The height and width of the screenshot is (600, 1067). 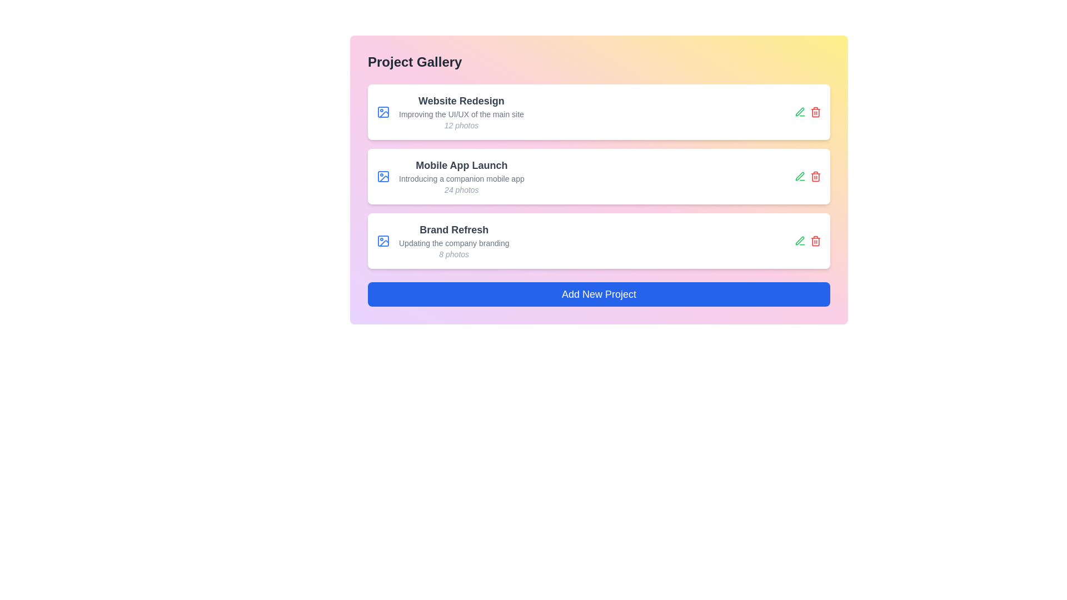 I want to click on edit button for the project Website Redesign, so click(x=800, y=112).